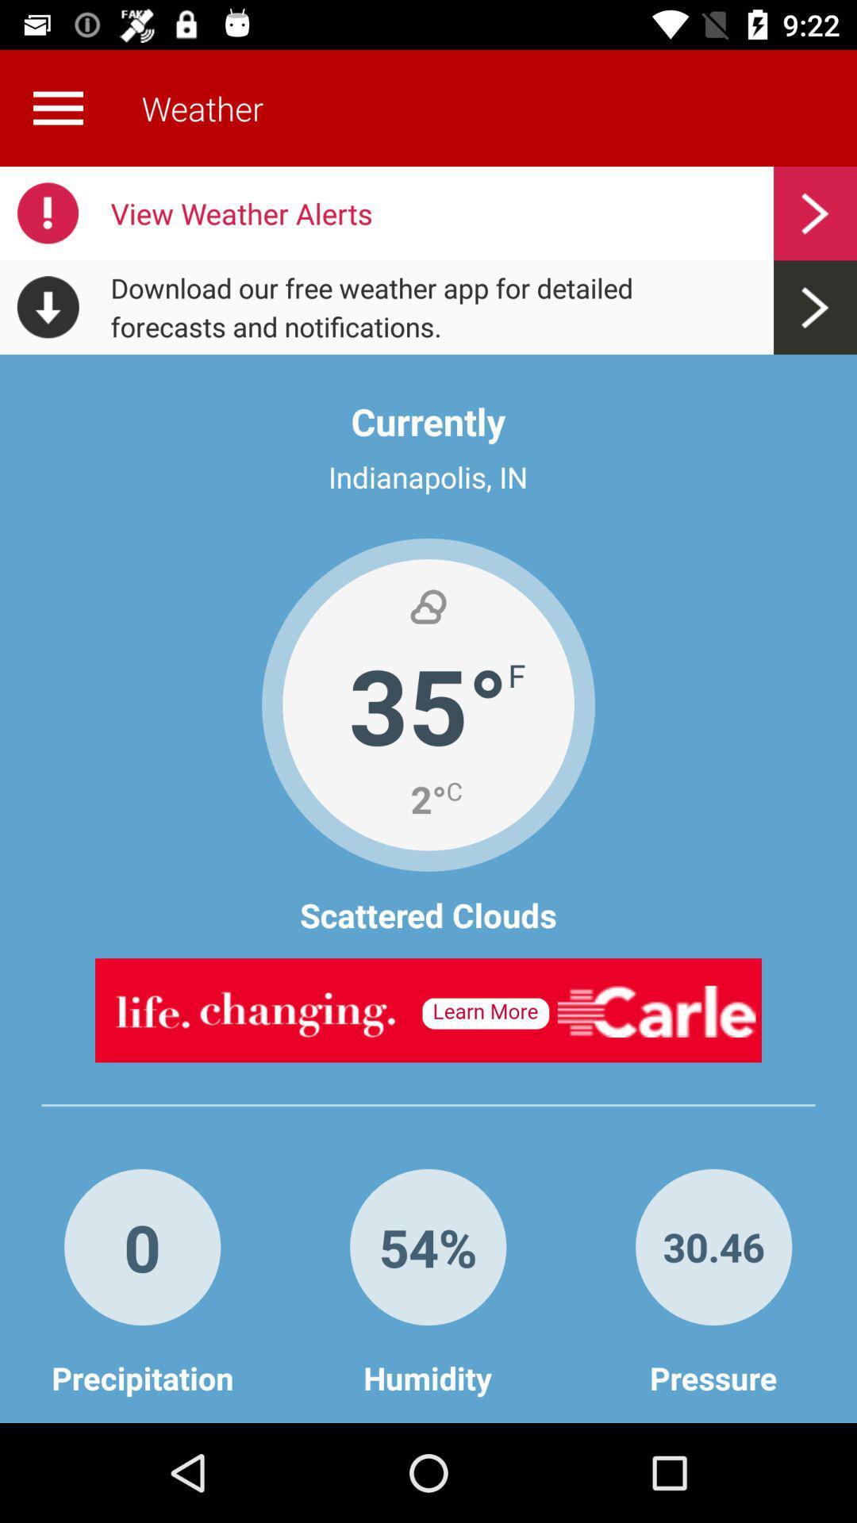 Image resolution: width=857 pixels, height=1523 pixels. I want to click on advatisment, so click(428, 1009).